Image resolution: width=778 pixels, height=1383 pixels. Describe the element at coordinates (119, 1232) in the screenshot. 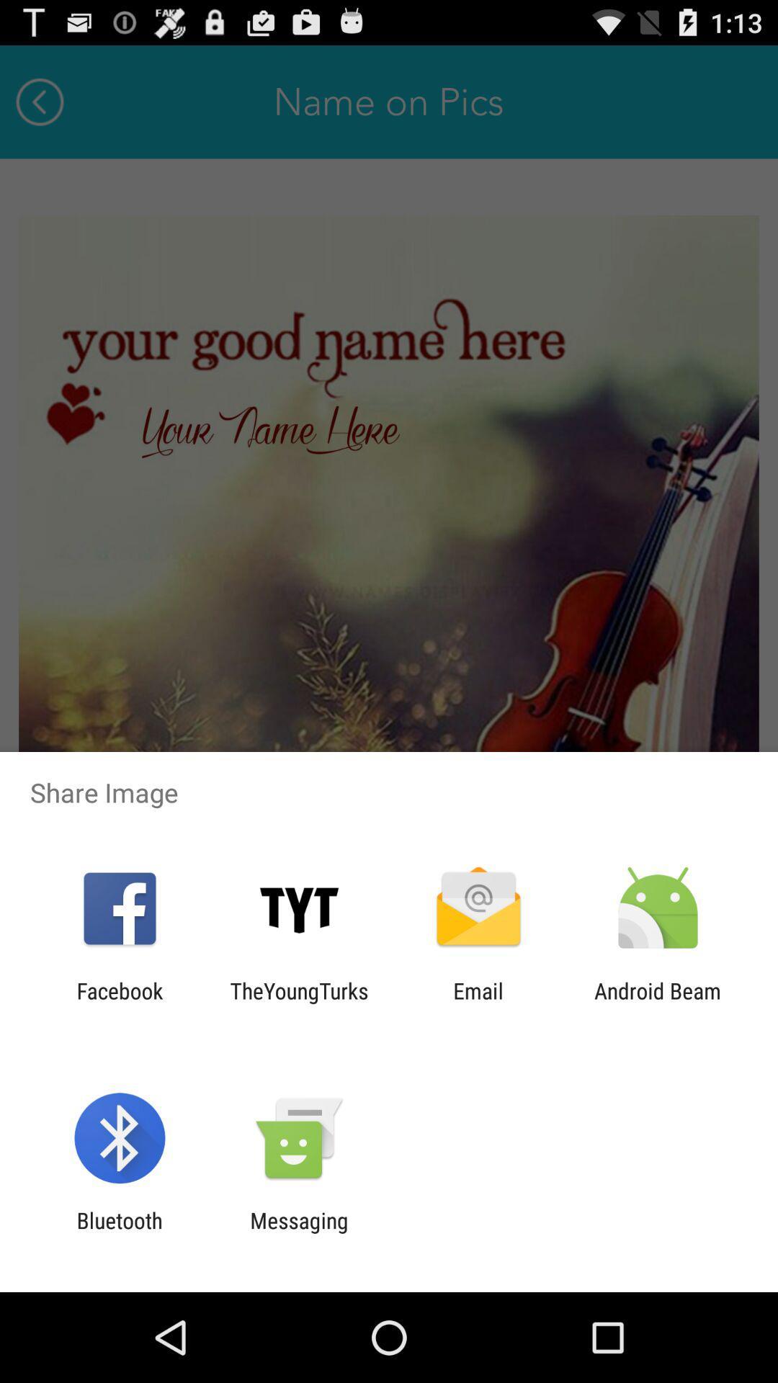

I see `the bluetooth item` at that location.